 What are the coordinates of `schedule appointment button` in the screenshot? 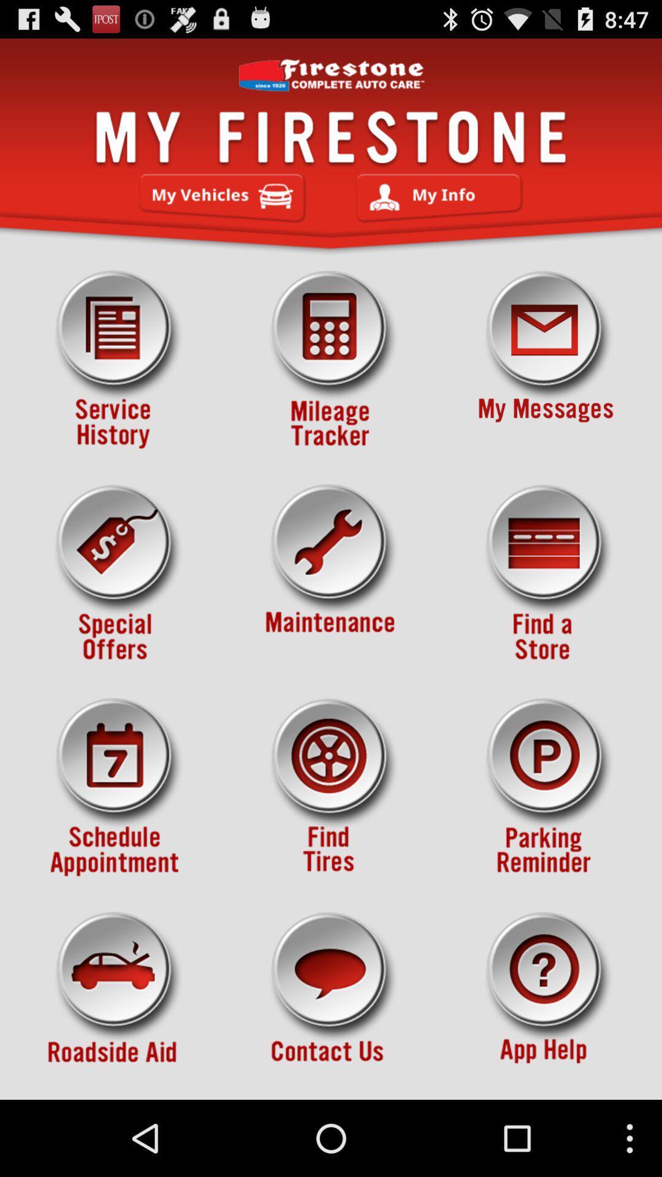 It's located at (116, 787).